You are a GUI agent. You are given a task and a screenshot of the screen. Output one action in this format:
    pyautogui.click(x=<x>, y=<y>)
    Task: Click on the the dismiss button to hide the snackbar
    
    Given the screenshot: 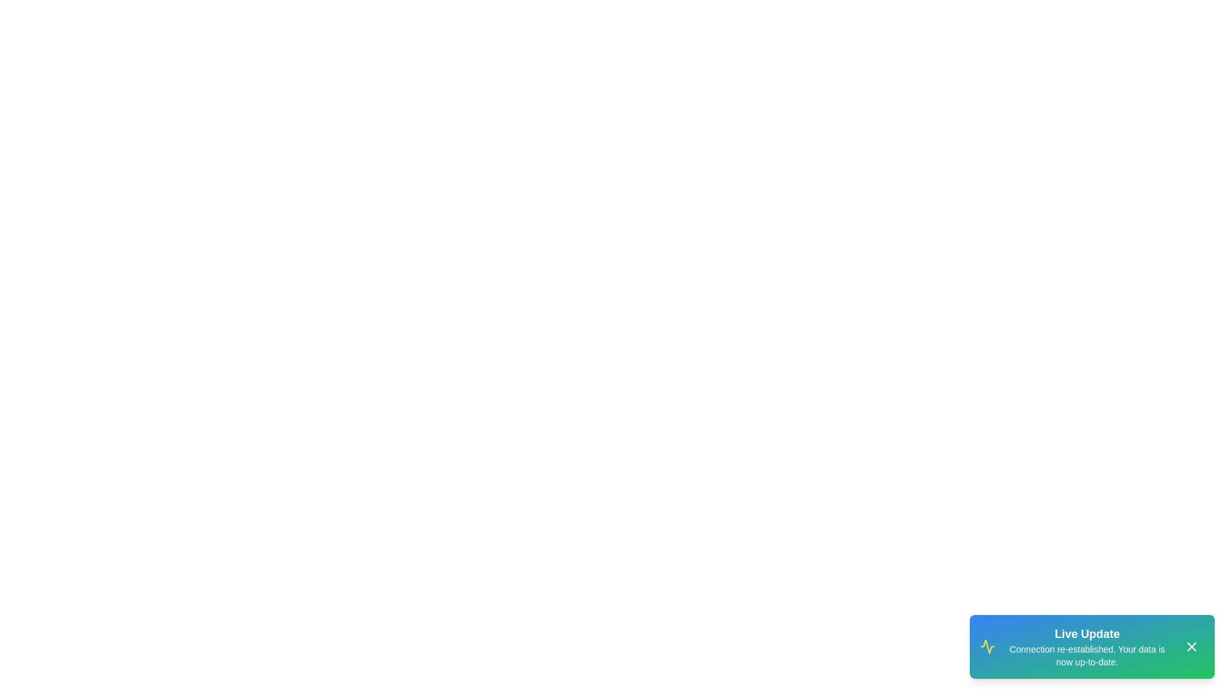 What is the action you would take?
    pyautogui.click(x=1191, y=647)
    